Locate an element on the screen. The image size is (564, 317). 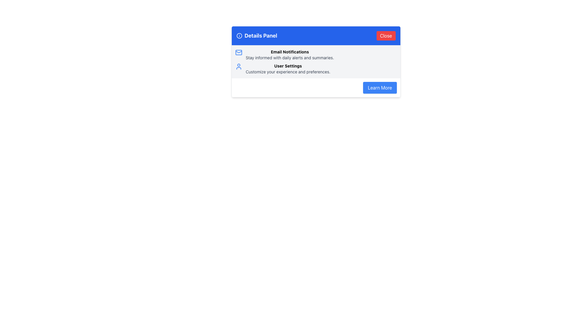
the blue envelope icon representing 'Email Notifications', which is positioned to the left of the text in the notifications section is located at coordinates (239, 52).